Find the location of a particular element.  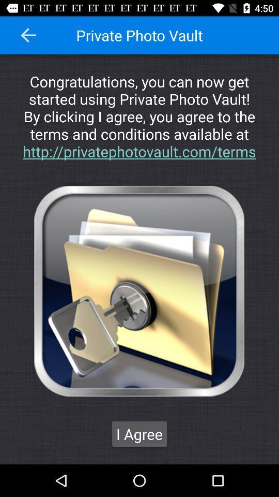

icon at the top left corner is located at coordinates (28, 35).